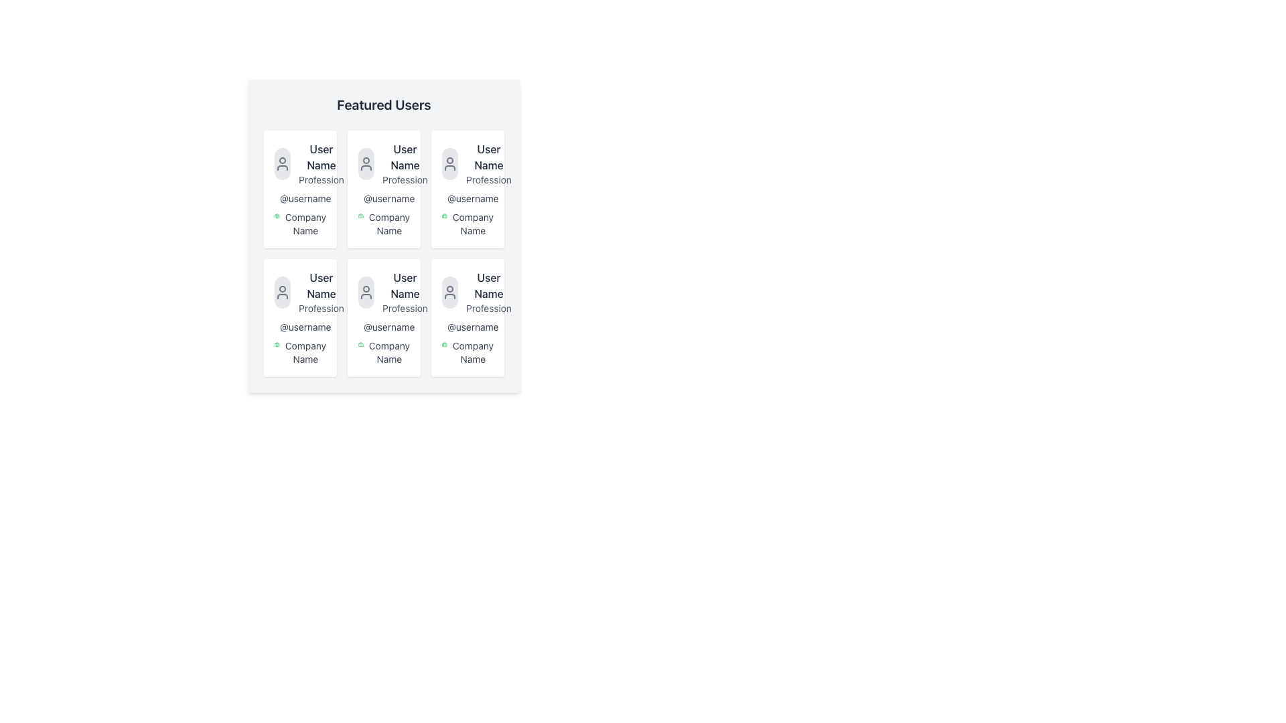 This screenshot has width=1286, height=723. What do you see at coordinates (468, 291) in the screenshot?
I see `the user profile card snippet displaying 'User Name' and 'Profession', which is the sixth card in the lower right quadrant of a 3x2 grid of user profile cards` at bounding box center [468, 291].